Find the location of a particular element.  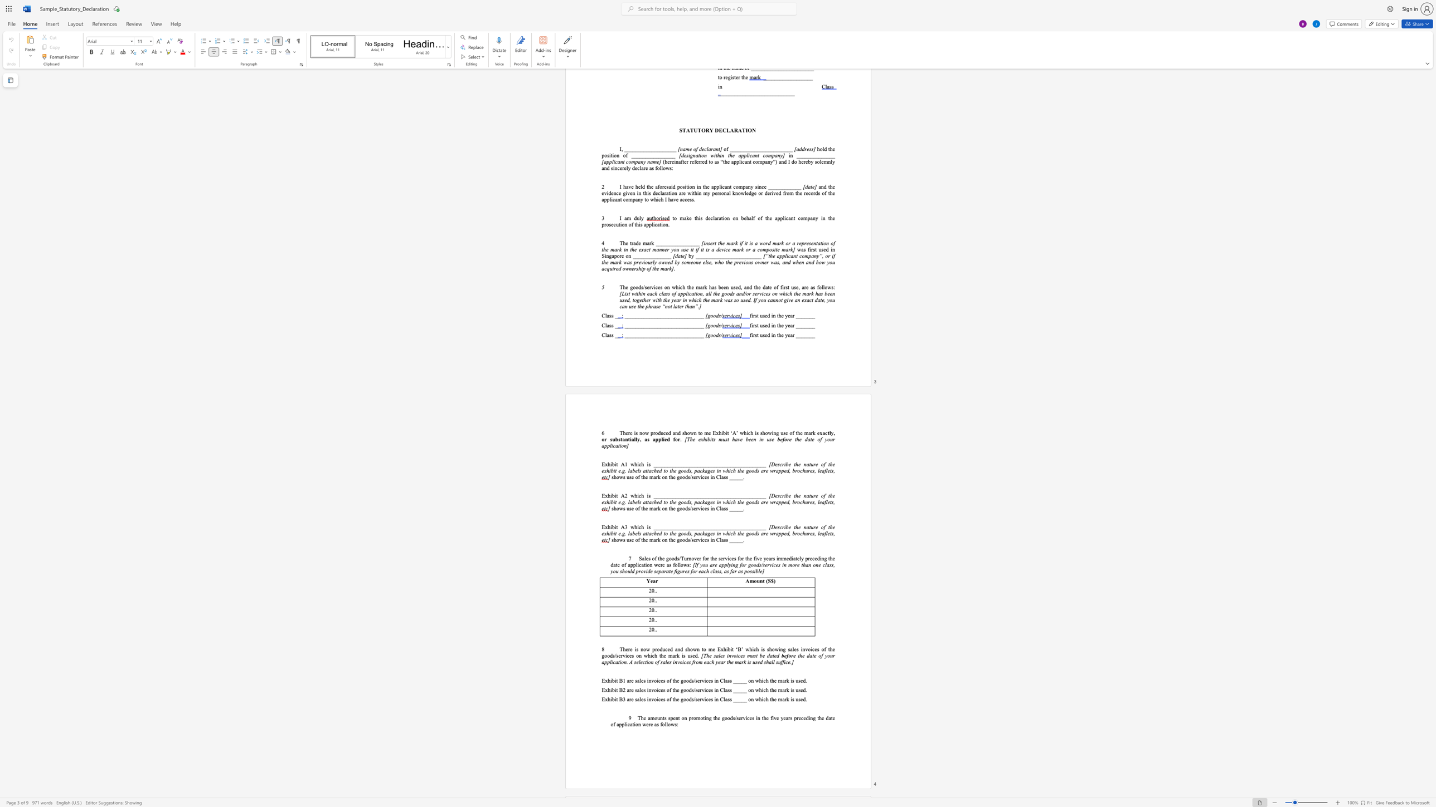

the subset text "date of appli" within the text "preceding the date of application were as follows:" is located at coordinates (610, 564).